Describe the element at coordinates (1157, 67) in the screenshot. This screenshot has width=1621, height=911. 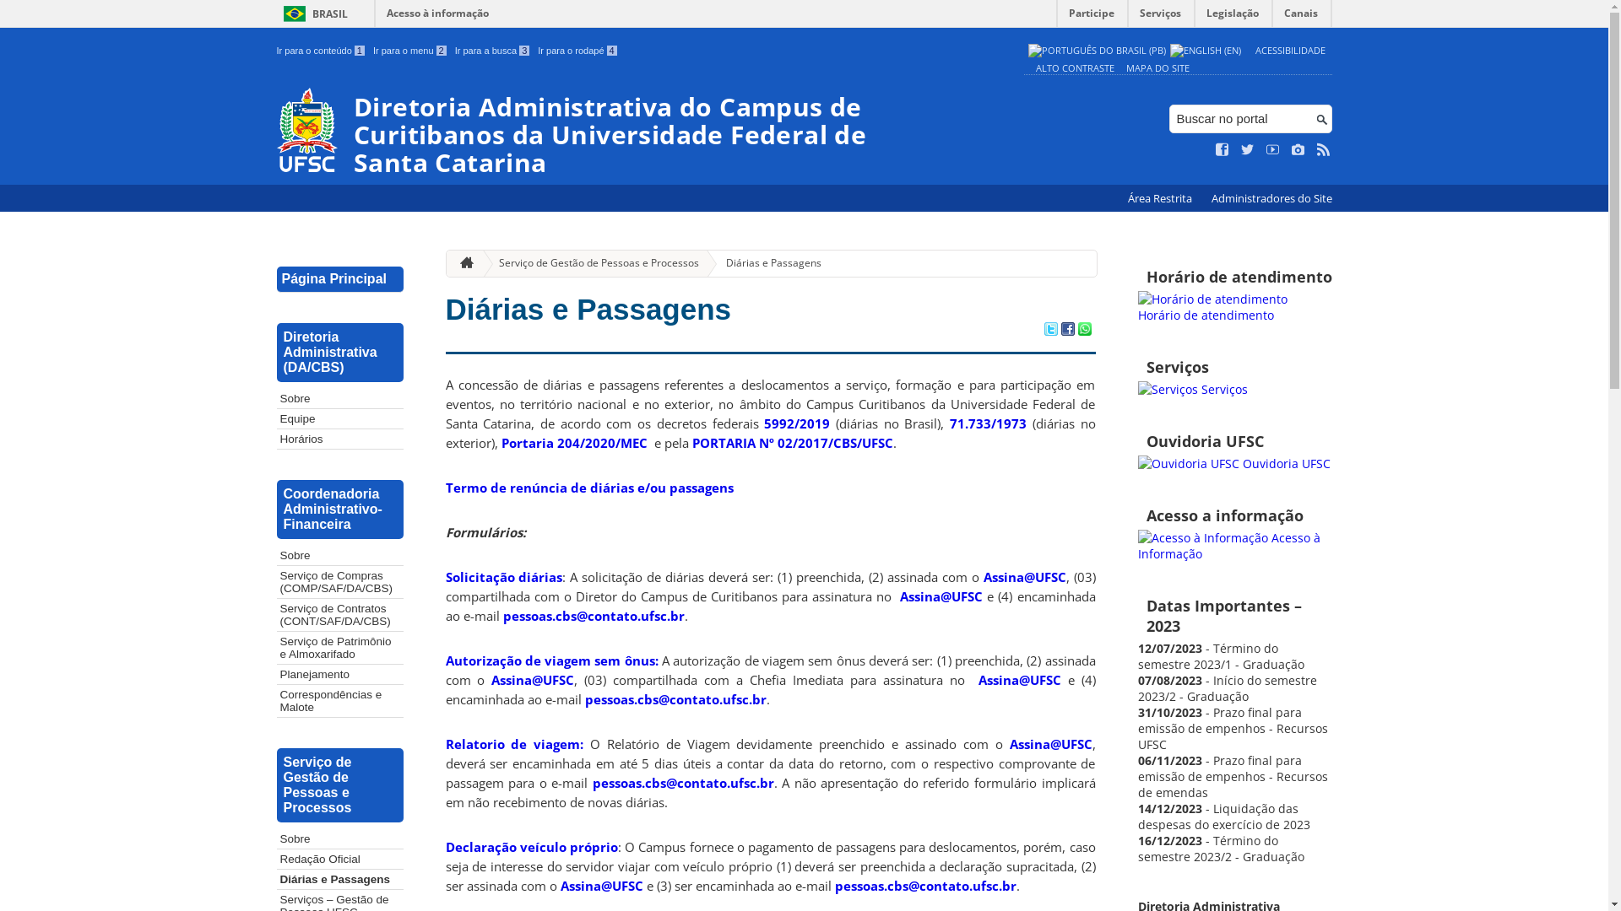
I see `'MAPA DO SITE'` at that location.